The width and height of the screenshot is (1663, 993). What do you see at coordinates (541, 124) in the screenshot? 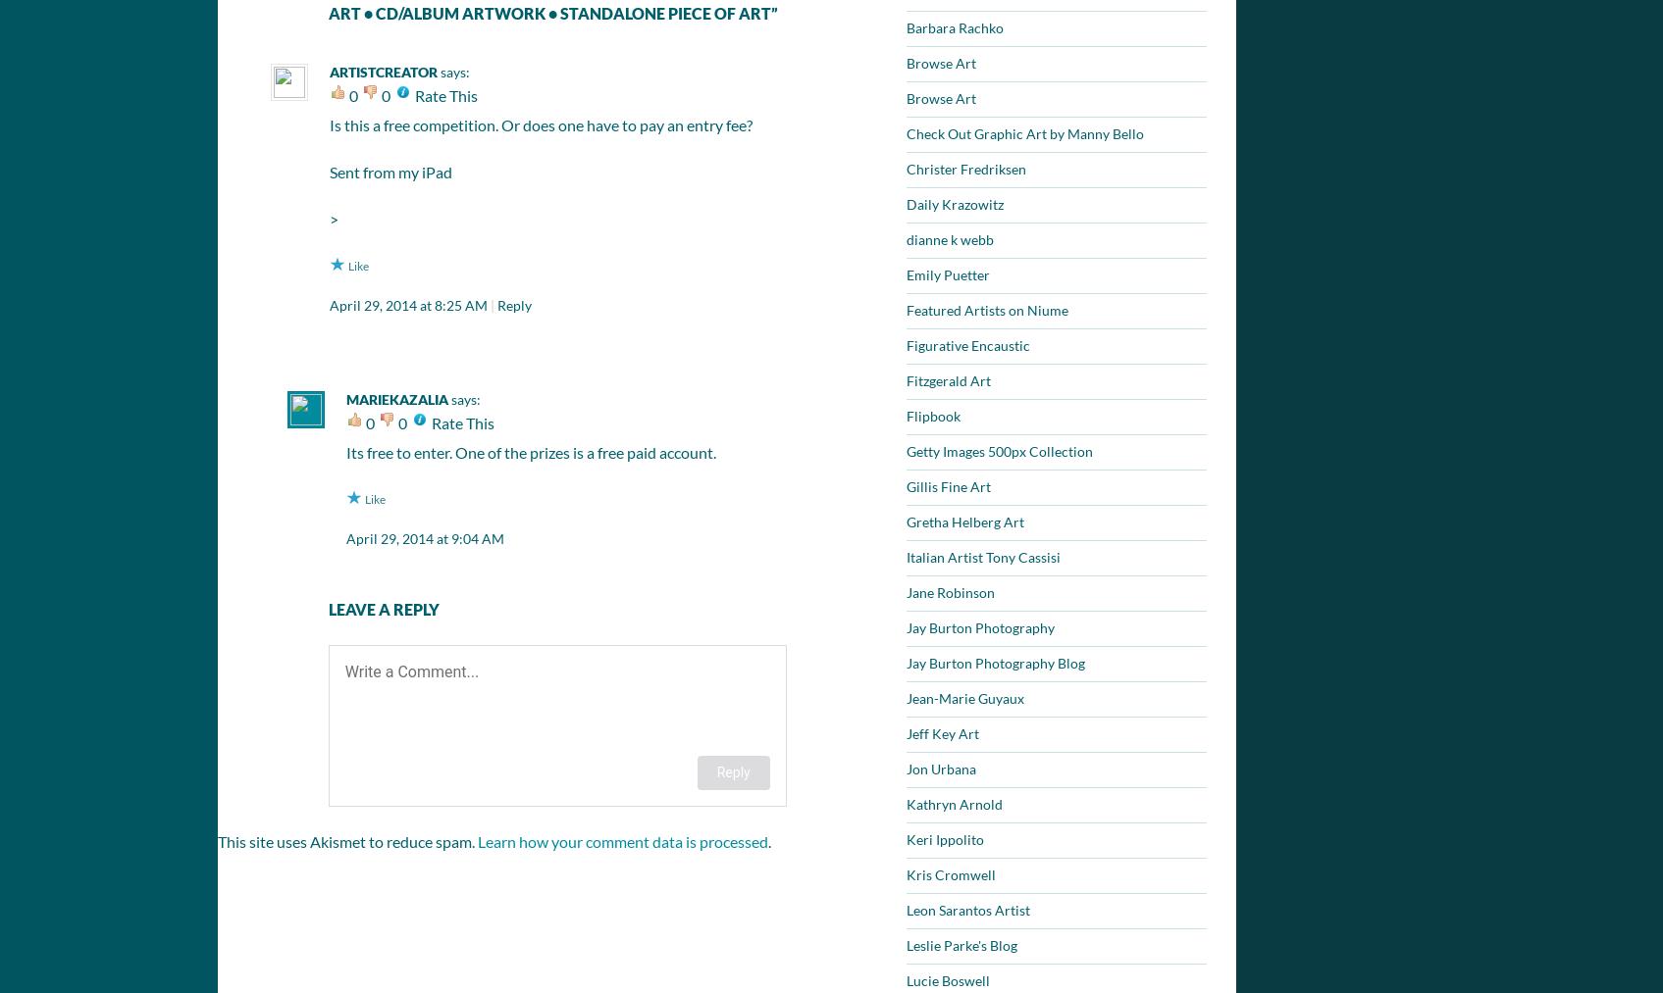
I see `'Is this a free competition. Or does one have to pay an entry fee?'` at bounding box center [541, 124].